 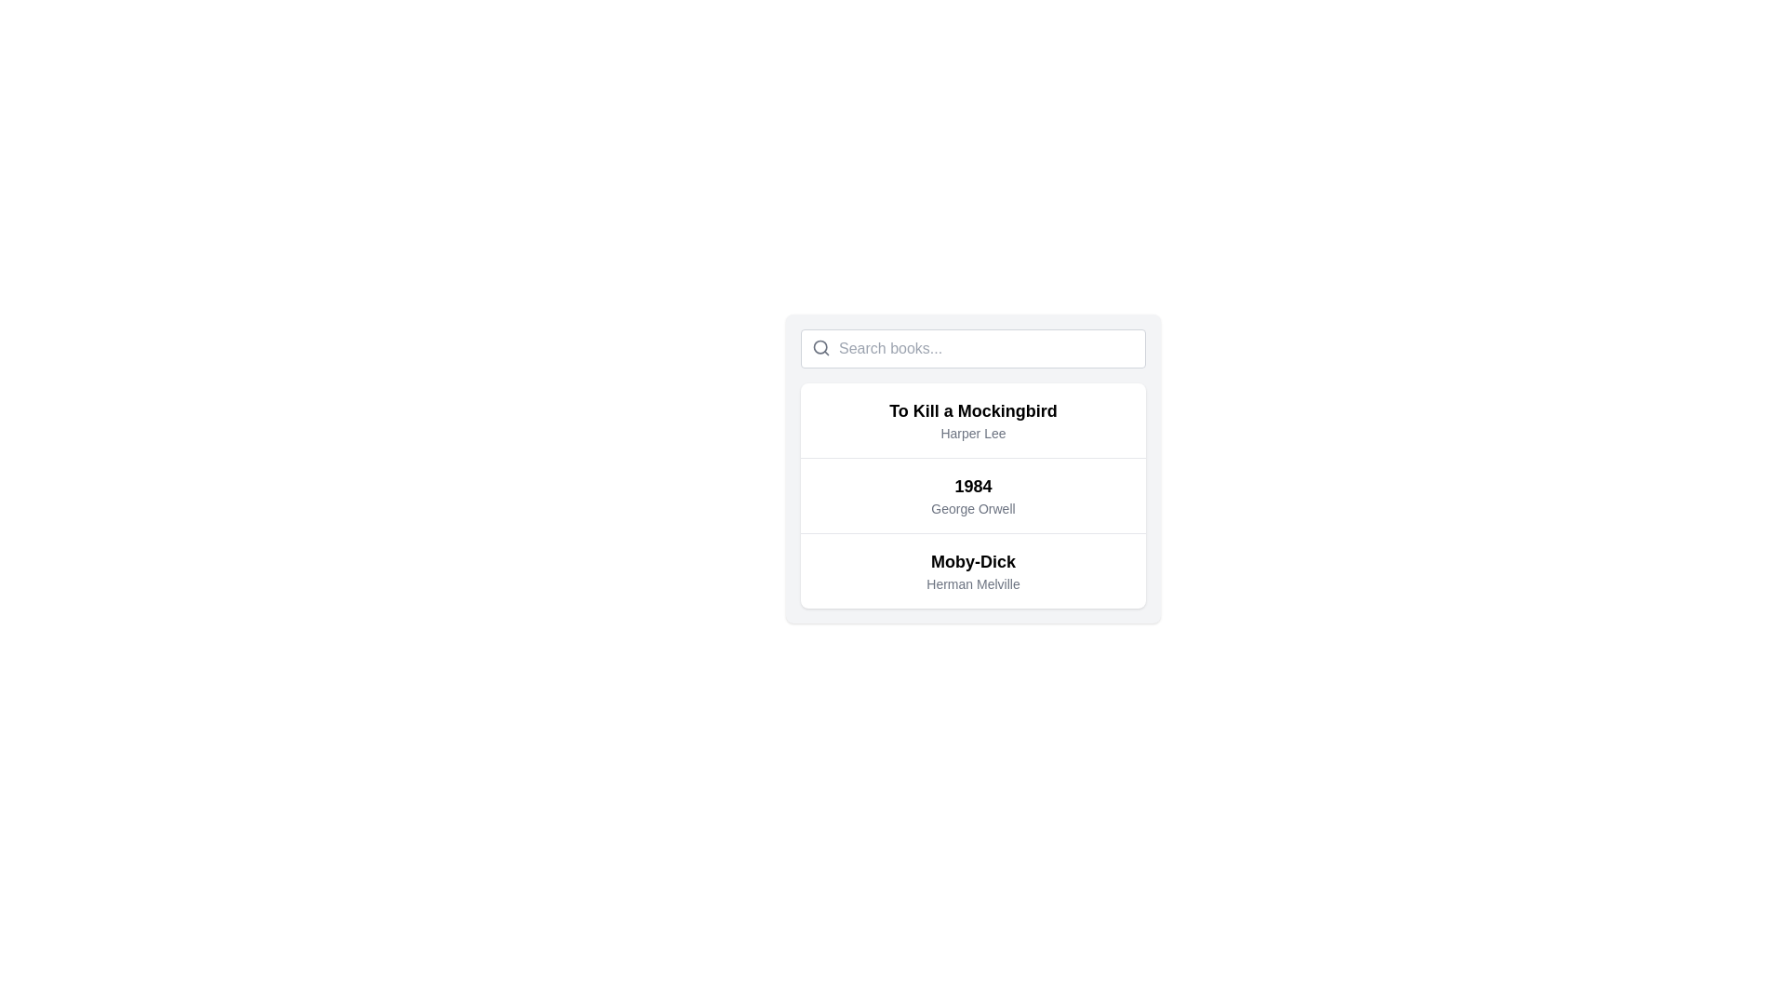 I want to click on the bold, capitalized text label reading 'Moby-Dick' which is positioned above the smaller text 'Herman Melville', so click(x=972, y=561).